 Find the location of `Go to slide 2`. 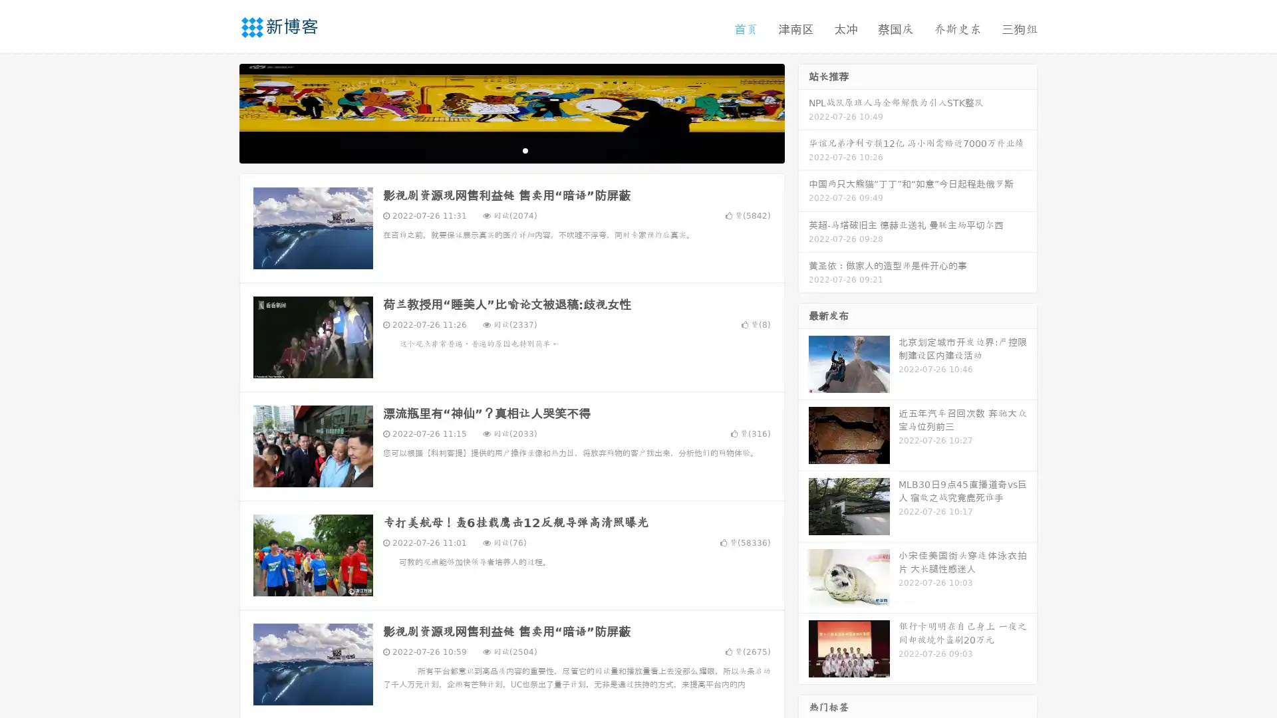

Go to slide 2 is located at coordinates (511, 150).